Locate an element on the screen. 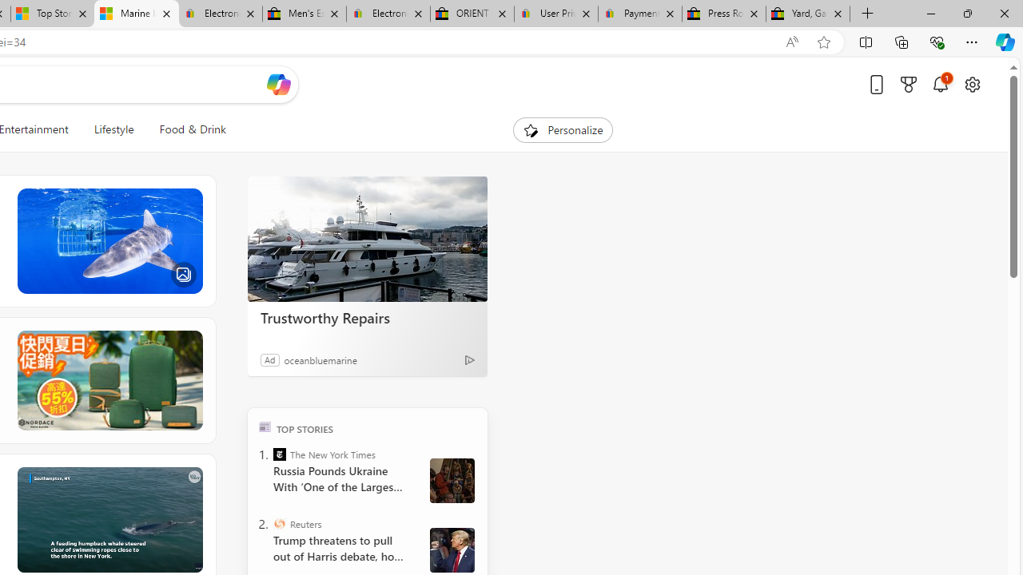 The width and height of the screenshot is (1023, 575). 'Trustworthy Repairs' is located at coordinates (367, 239).